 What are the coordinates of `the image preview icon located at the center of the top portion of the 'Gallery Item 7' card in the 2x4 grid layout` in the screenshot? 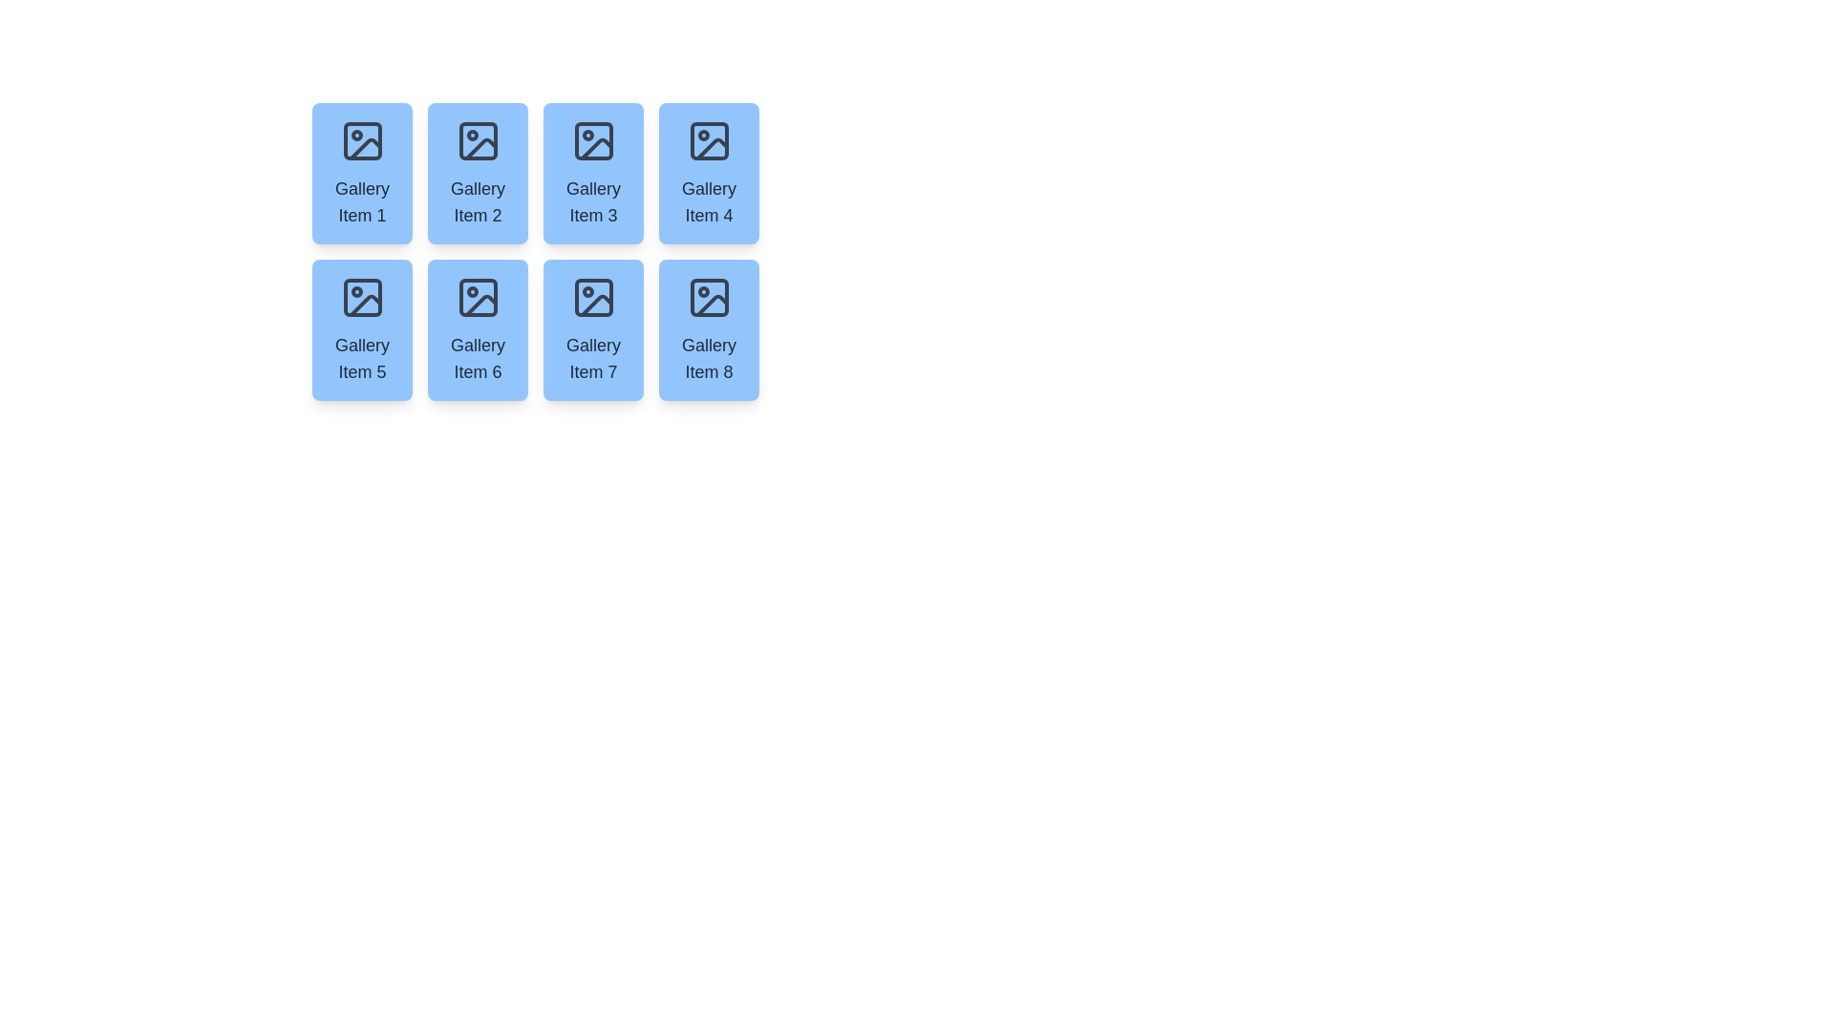 It's located at (592, 298).